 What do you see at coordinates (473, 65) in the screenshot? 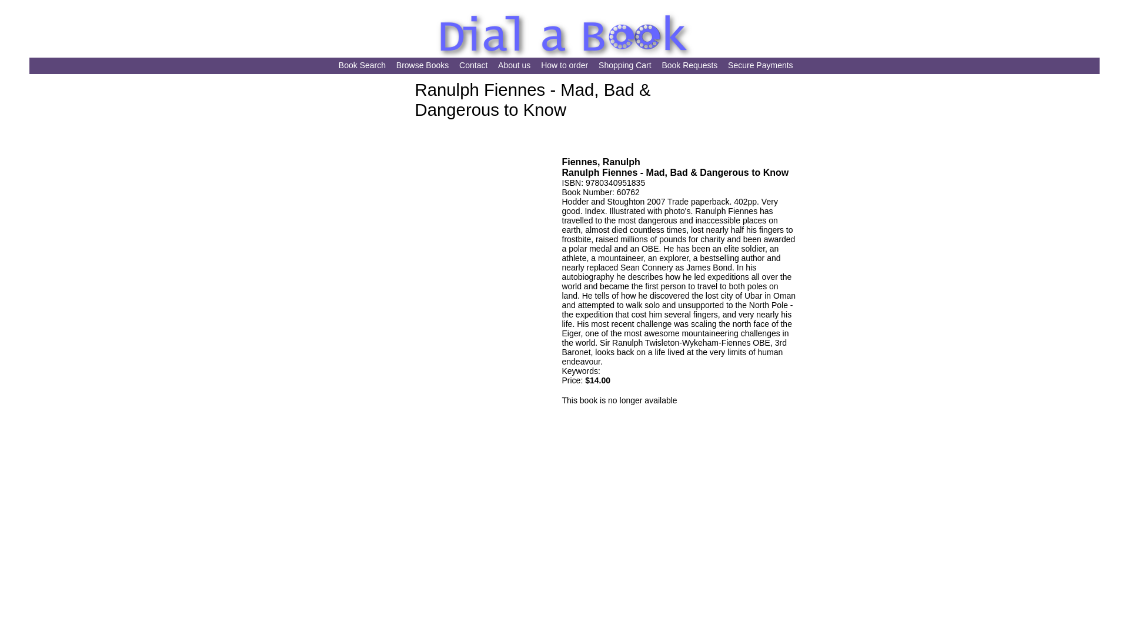
I see `'Contact'` at bounding box center [473, 65].